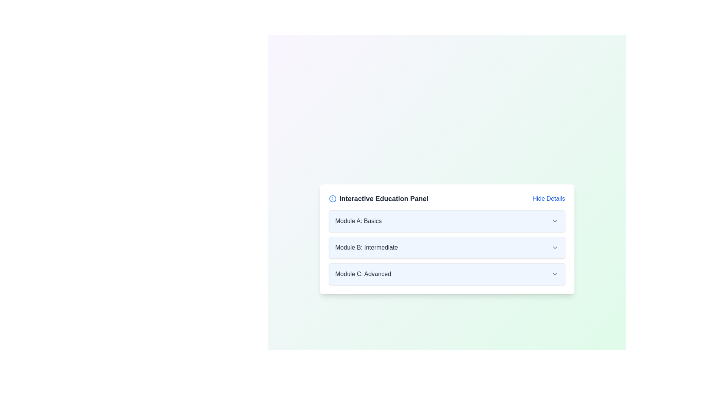  Describe the element at coordinates (367, 248) in the screenshot. I see `text label indicating the title of the second module, which is positioned below 'Module A: Basics' and above 'Module C: Advanced'` at that location.